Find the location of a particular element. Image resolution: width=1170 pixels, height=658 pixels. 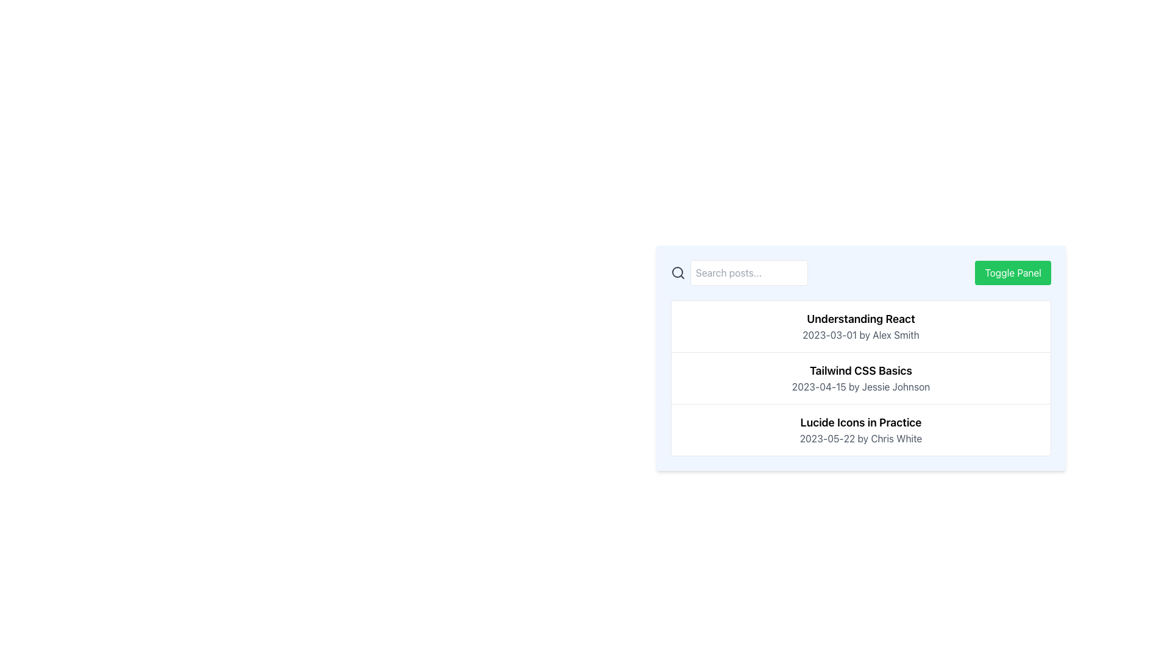

the text input field located in the top section of the interface, beside the magnifying glass icon is located at coordinates (748, 272).